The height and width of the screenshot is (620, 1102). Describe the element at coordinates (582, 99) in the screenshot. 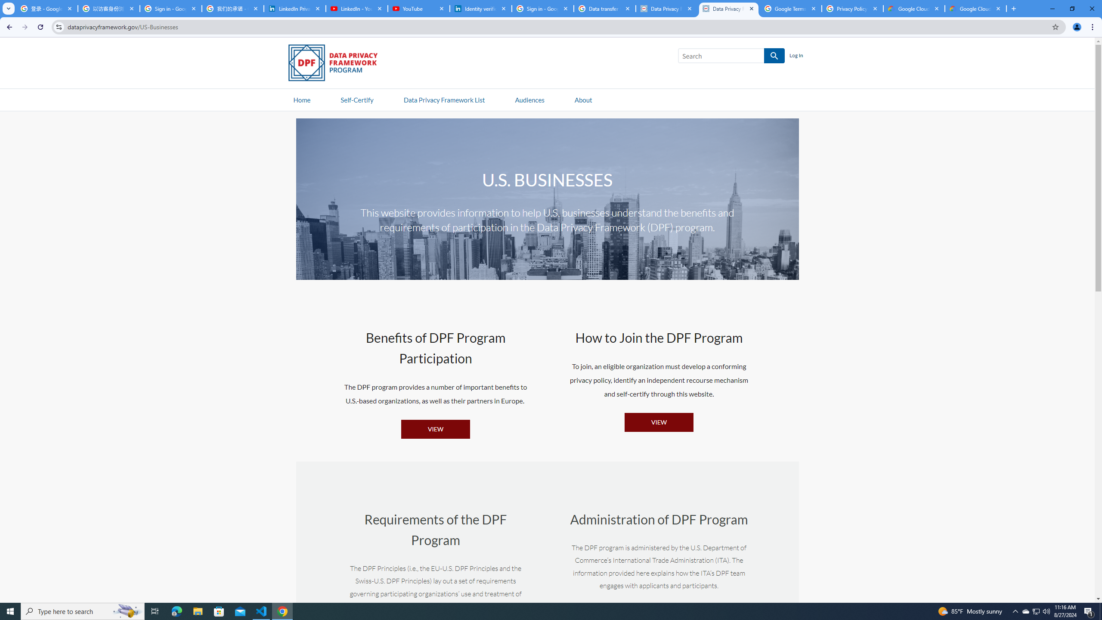

I see `'About'` at that location.